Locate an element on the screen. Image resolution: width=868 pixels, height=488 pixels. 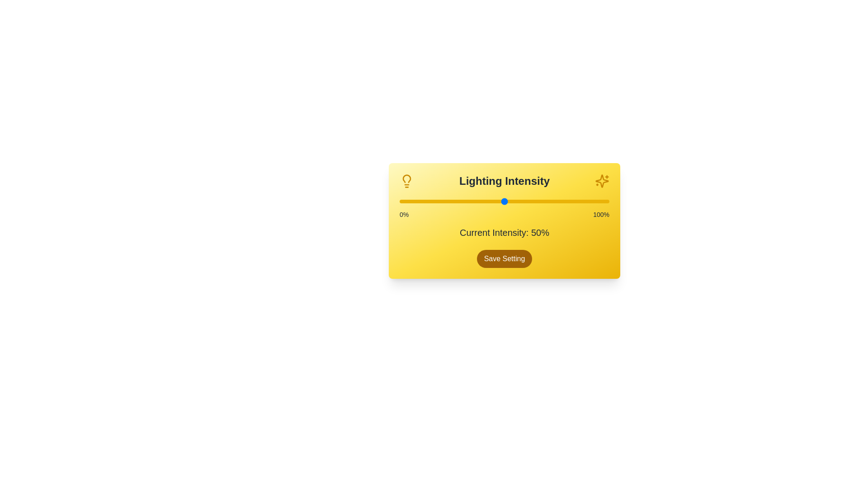
the 'Save Setting' button to save the current intensity is located at coordinates (504, 259).